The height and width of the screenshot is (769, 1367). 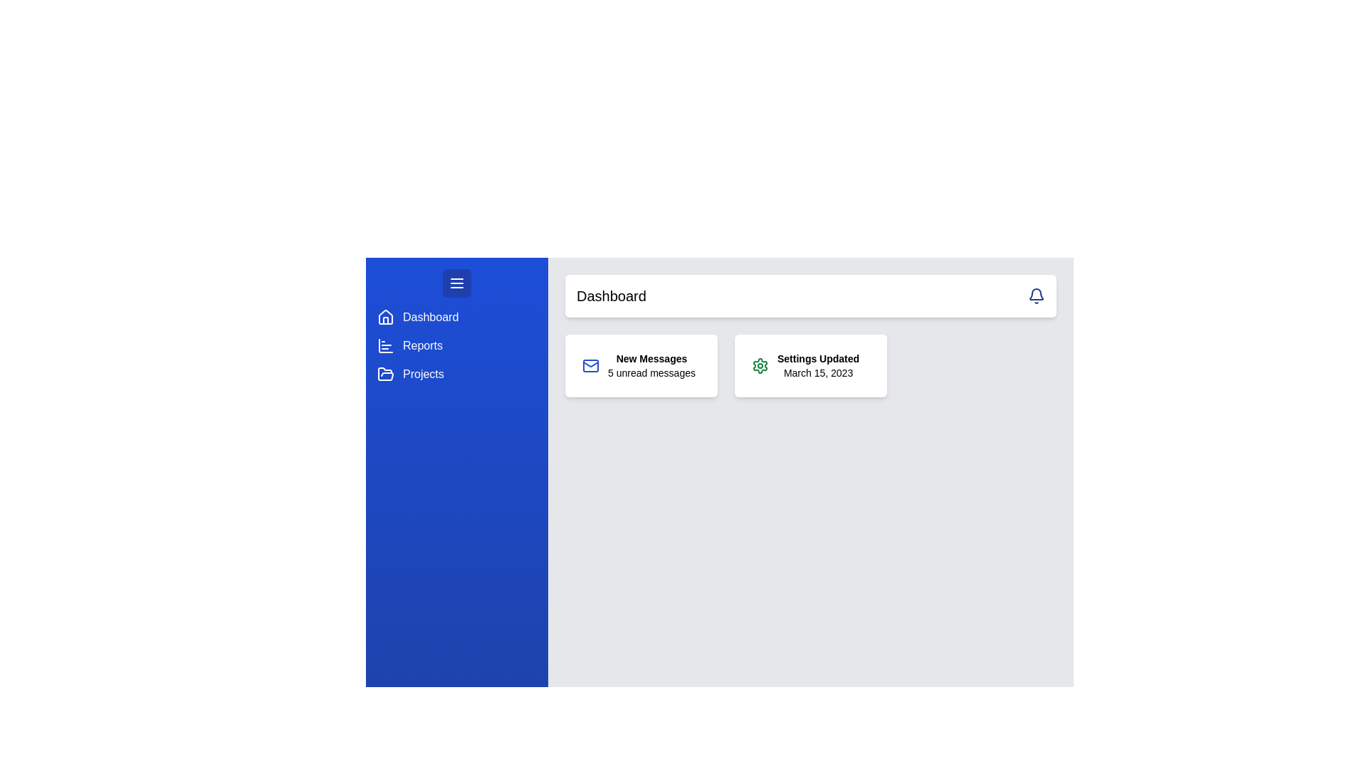 What do you see at coordinates (760, 365) in the screenshot?
I see `the icon located on the right-hand side of the interface, which serves as a visual indicator for the 'Settings Updated' message` at bounding box center [760, 365].